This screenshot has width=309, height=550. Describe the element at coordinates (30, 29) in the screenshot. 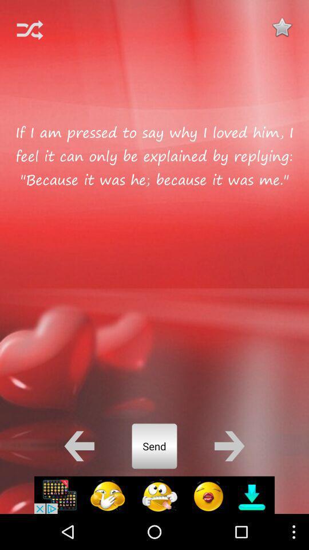

I see `connect` at that location.